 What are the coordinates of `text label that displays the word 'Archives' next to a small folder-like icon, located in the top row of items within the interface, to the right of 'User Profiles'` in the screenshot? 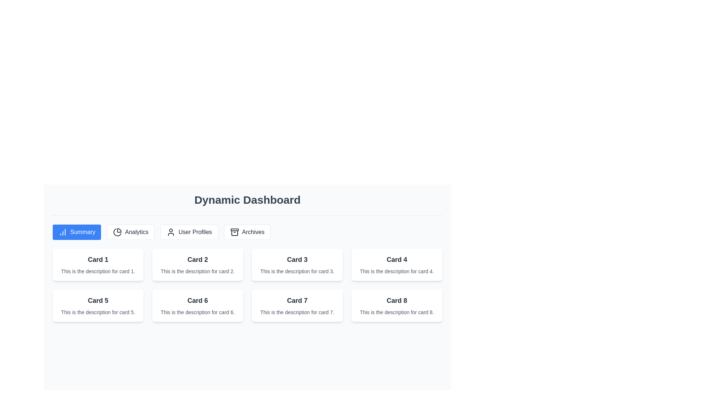 It's located at (247, 232).